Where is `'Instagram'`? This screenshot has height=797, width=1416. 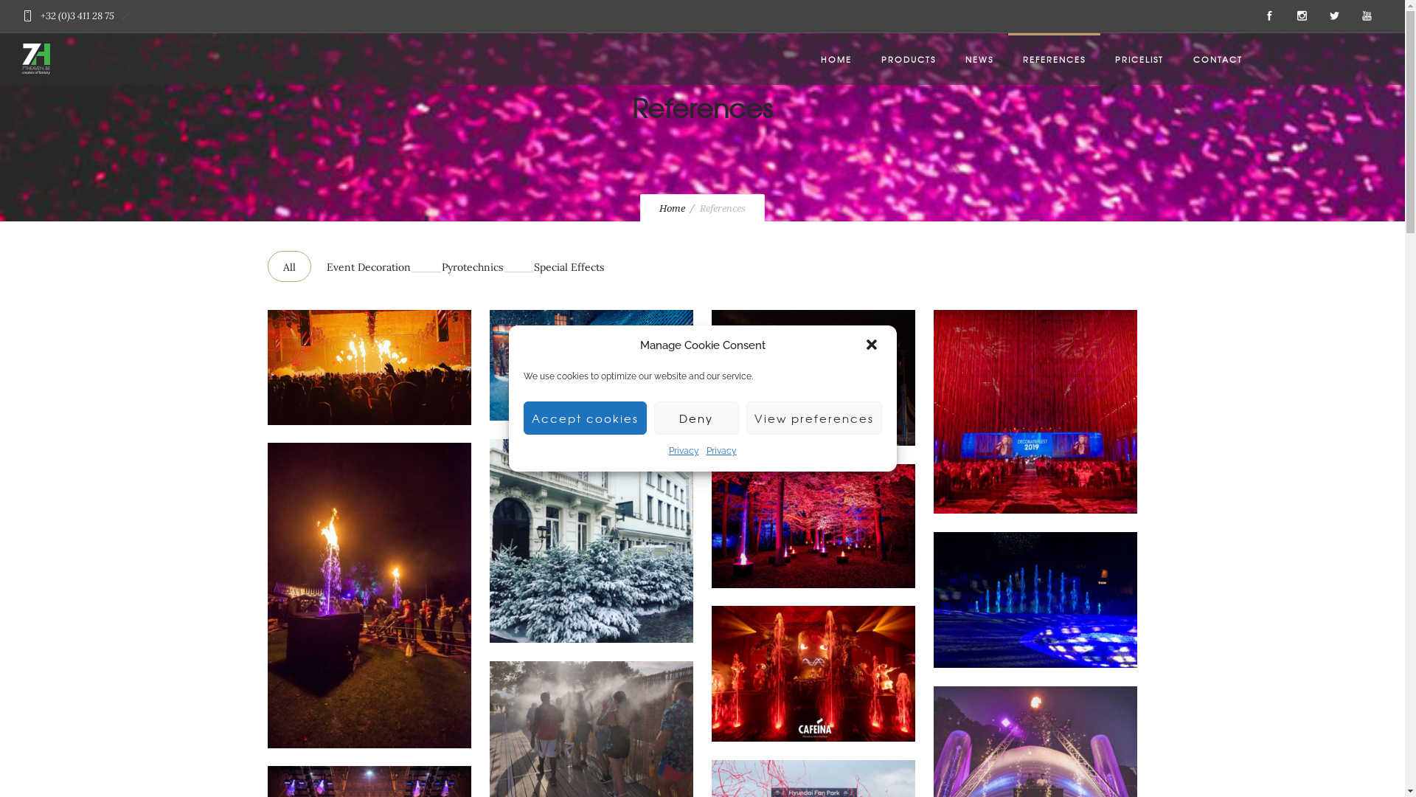
'Instagram' is located at coordinates (1284, 16).